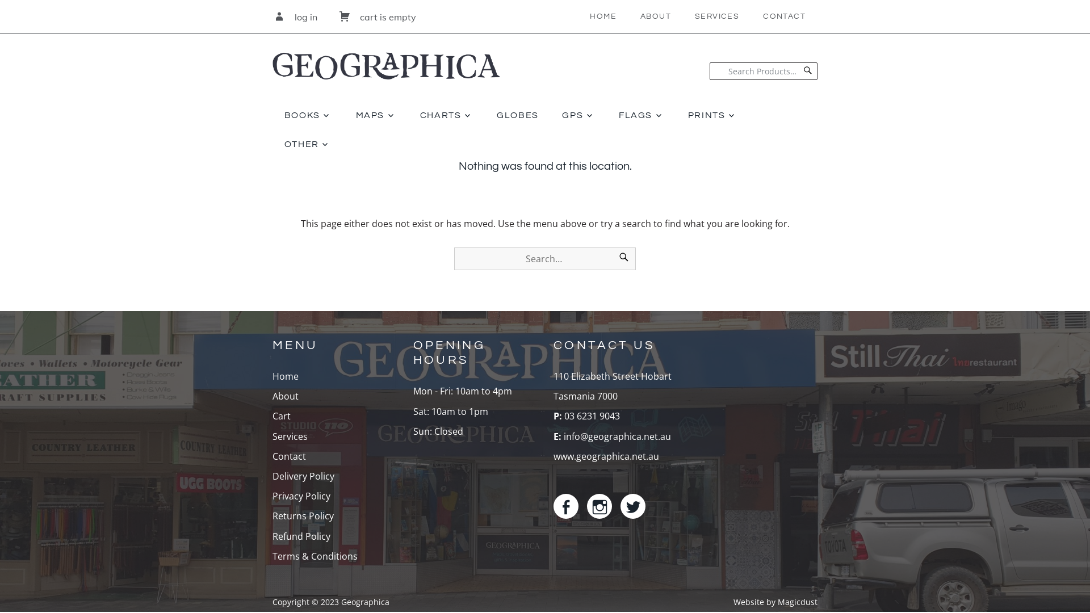 The width and height of the screenshot is (1090, 613). Describe the element at coordinates (281, 415) in the screenshot. I see `'Cart'` at that location.